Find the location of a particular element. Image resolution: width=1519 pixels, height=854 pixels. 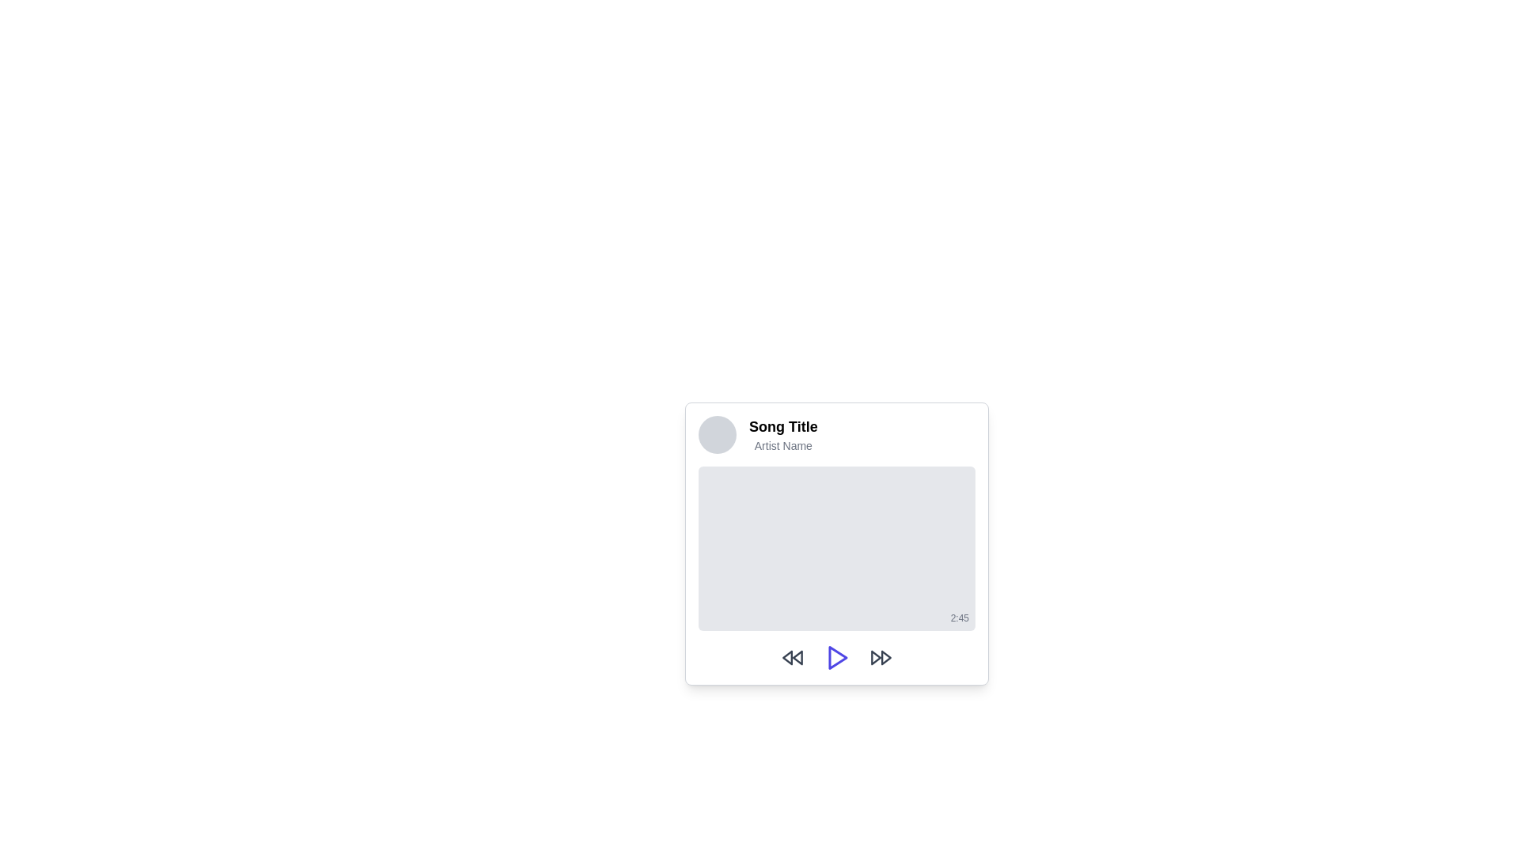

the static text label that describes the artist of the currently playing song, located directly below the 'Song Title' text element in the media player is located at coordinates (783, 445).